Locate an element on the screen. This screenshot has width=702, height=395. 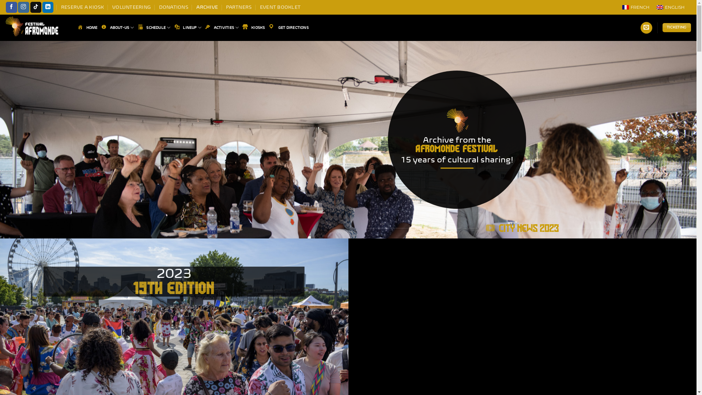
'Follow on Instagram' is located at coordinates (23, 7).